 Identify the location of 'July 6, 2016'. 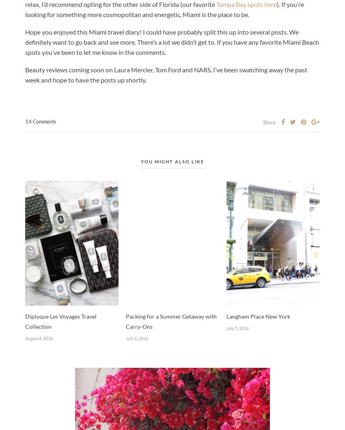
(125, 337).